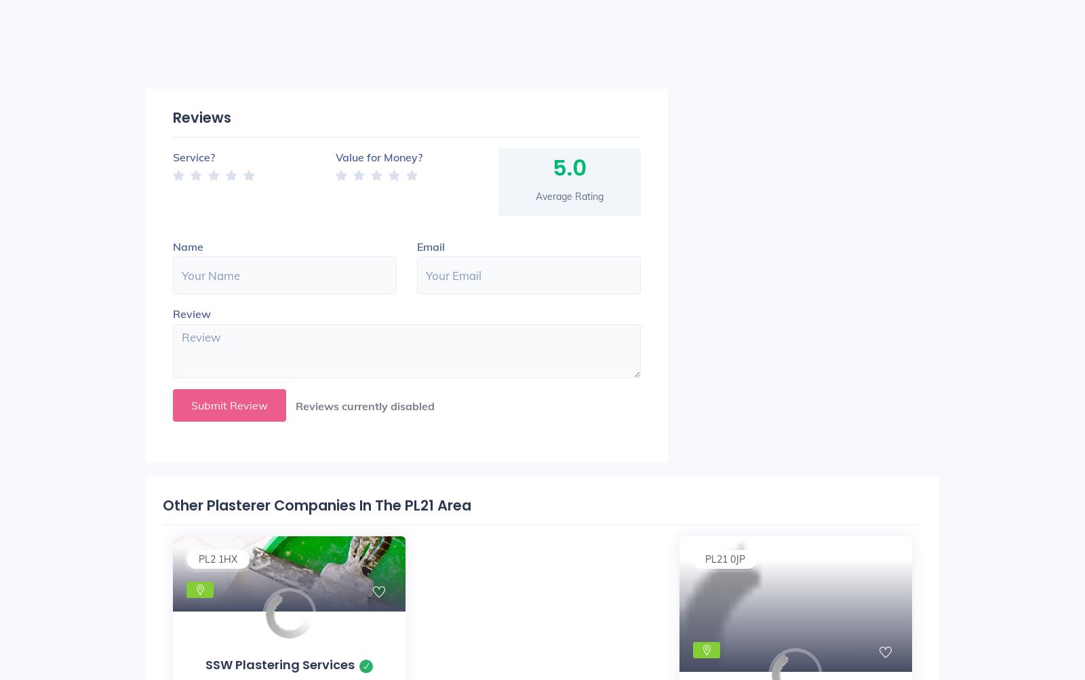 Image resolution: width=1085 pixels, height=680 pixels. I want to click on 'SSW Plastering Services', so click(279, 664).